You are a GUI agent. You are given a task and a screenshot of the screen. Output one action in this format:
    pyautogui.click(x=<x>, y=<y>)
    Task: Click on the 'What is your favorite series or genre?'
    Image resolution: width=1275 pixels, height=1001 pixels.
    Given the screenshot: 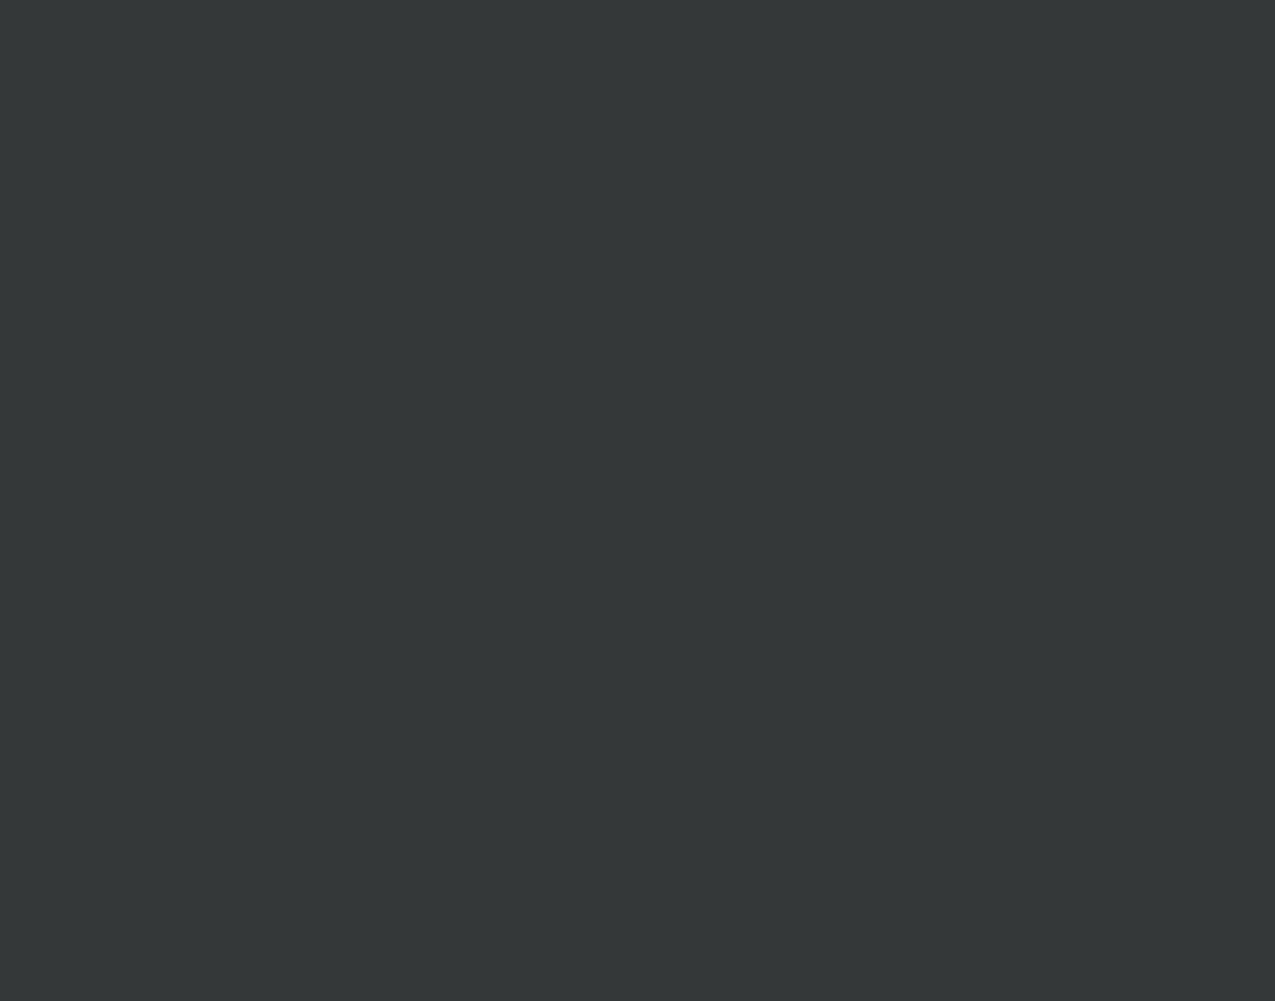 What is the action you would take?
    pyautogui.click(x=690, y=233)
    